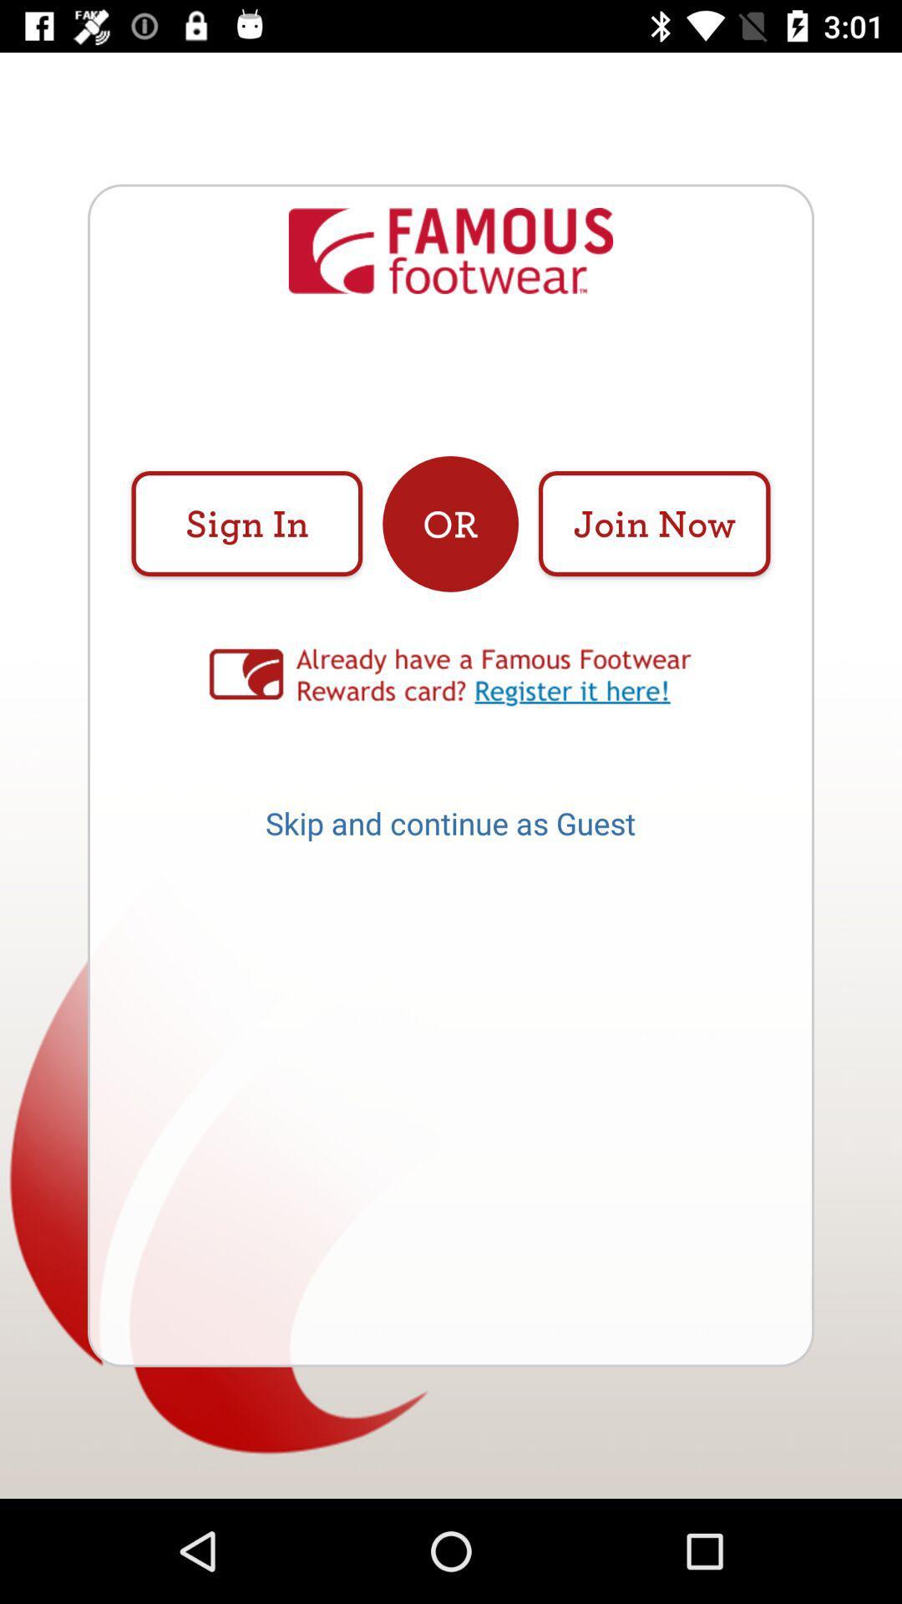 The image size is (902, 1604). Describe the element at coordinates (246, 523) in the screenshot. I see `item to the left of the or item` at that location.